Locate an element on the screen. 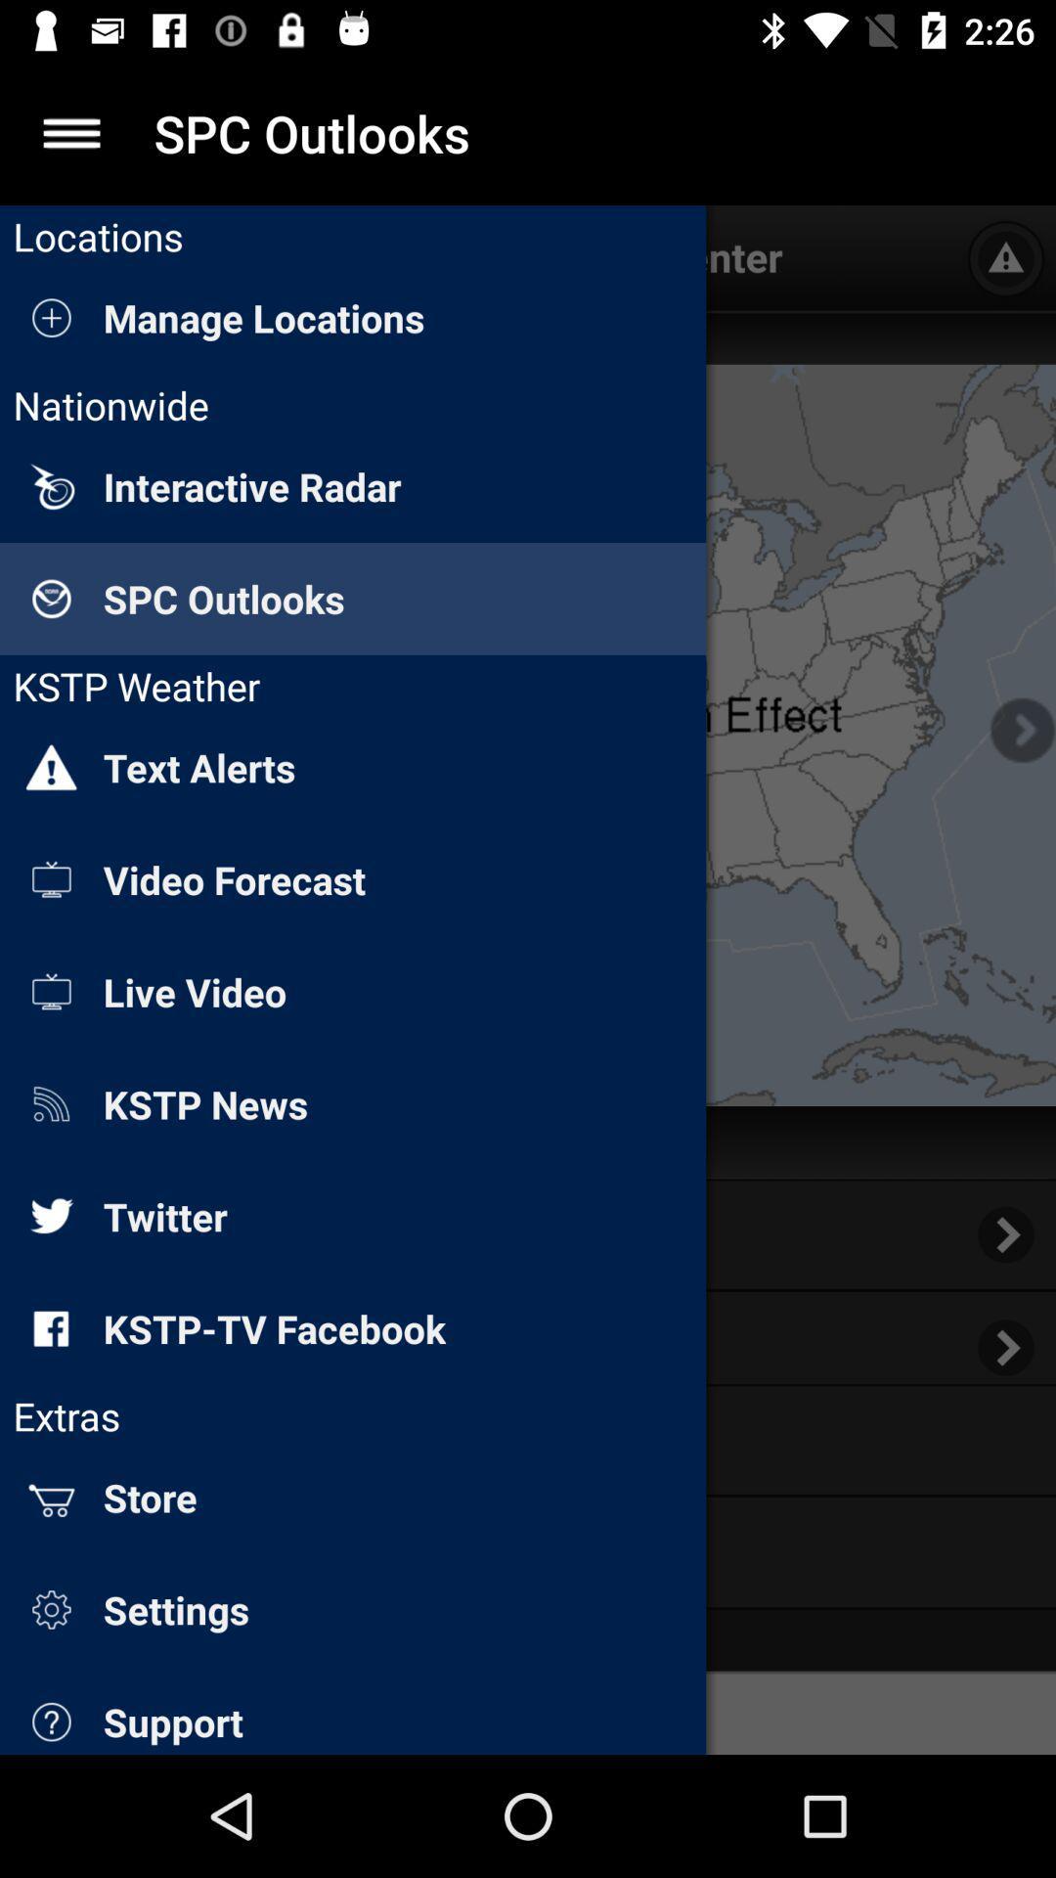  menu collapse option is located at coordinates (70, 132).